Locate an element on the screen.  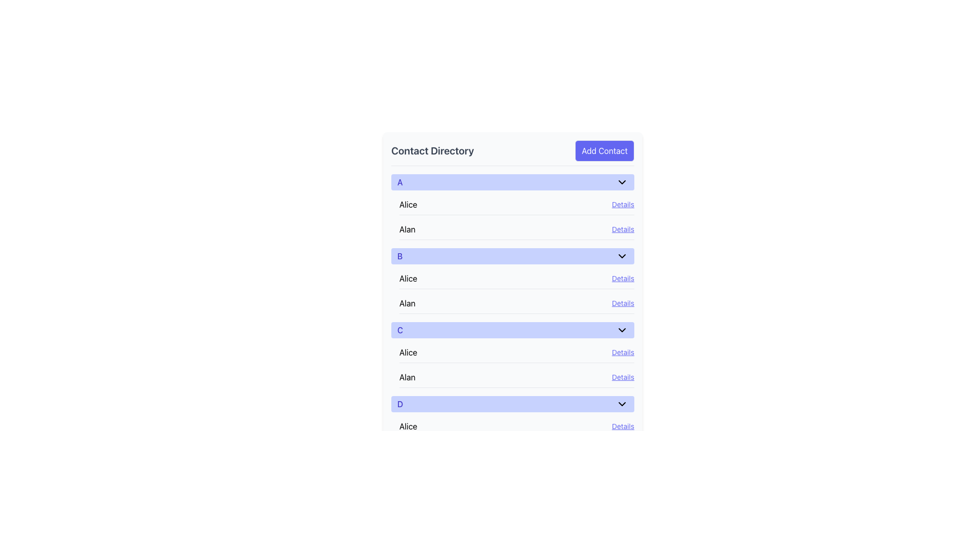
the text label representing the contact name 'Alice' in section 'C' of the contact directory is located at coordinates (408, 351).